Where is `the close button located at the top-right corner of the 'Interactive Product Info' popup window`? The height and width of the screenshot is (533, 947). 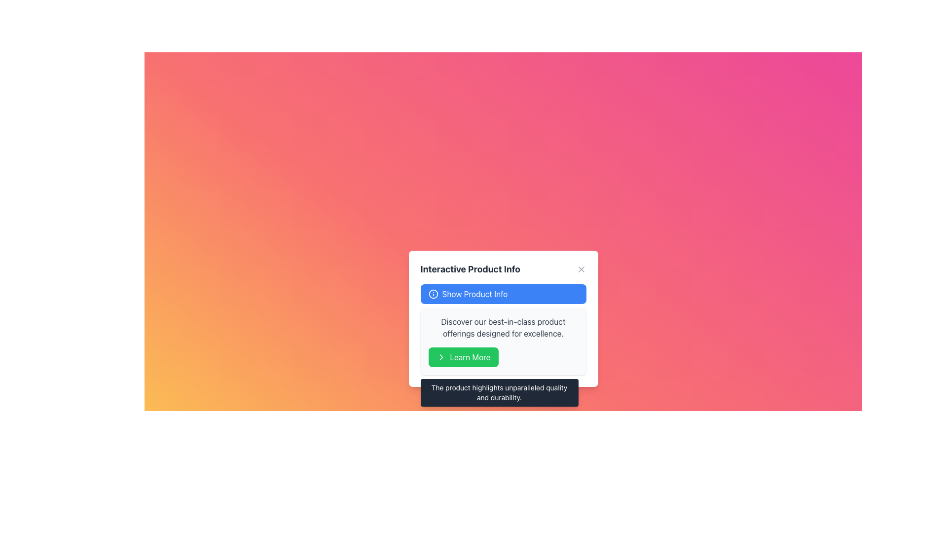 the close button located at the top-right corner of the 'Interactive Product Info' popup window is located at coordinates (581, 269).